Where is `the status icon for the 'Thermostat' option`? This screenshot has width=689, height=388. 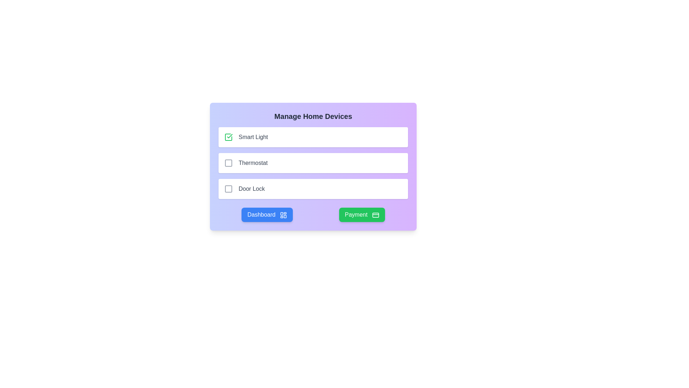 the status icon for the 'Thermostat' option is located at coordinates (228, 163).